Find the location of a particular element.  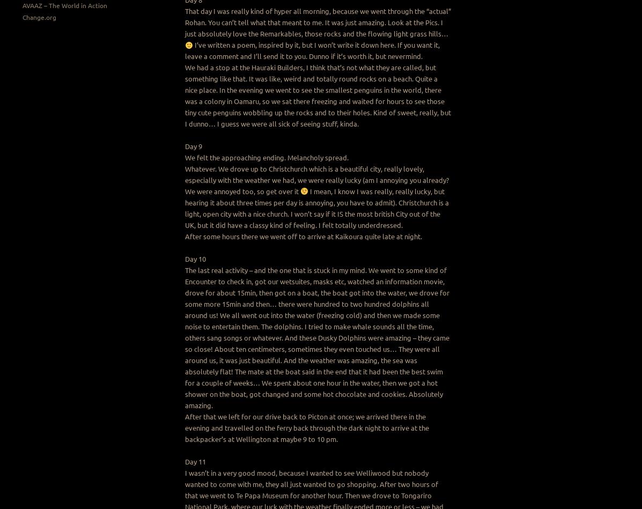

'I mean, I know I was really, really lucky, but hearing it about three times per day is annoying, you have to admit). Christchurch is a light, open city with a nice church. I won’t say if it IS the most british City out of the UK, but it did have a classy kind of feeling. I felt totally underdressed.' is located at coordinates (316, 208).